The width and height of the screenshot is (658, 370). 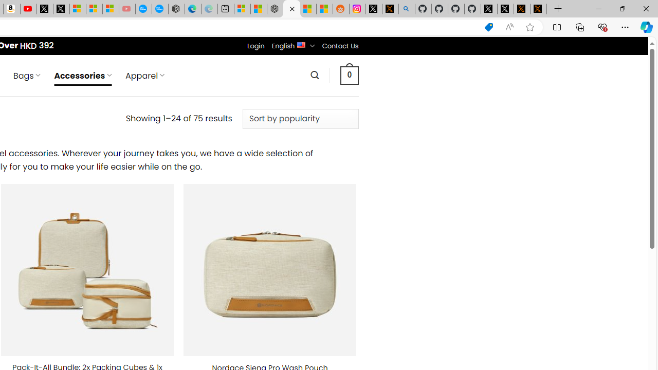 I want to click on 'X Privacy Policy', so click(x=538, y=9).